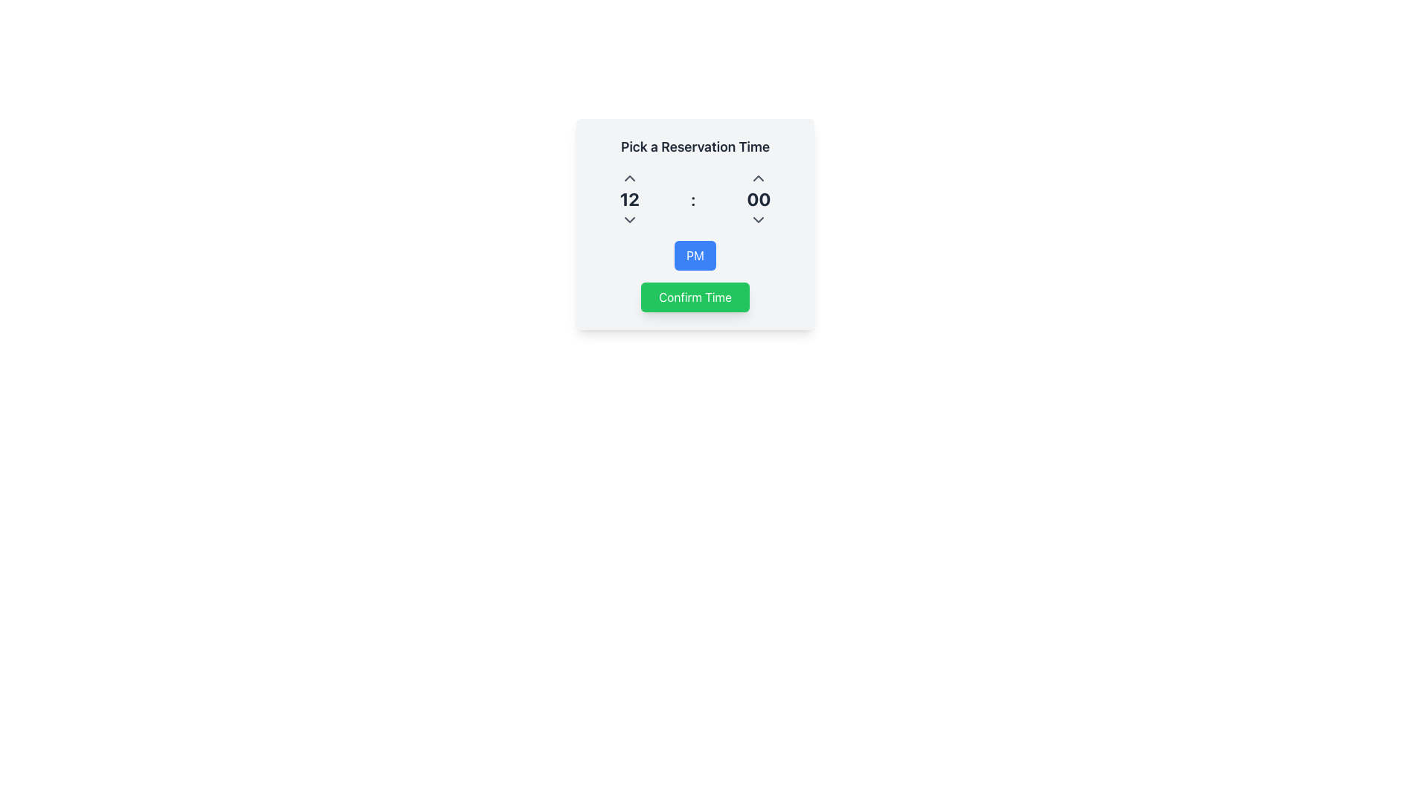 This screenshot has height=803, width=1428. I want to click on the rectangular button with rounded corners, blue background, and white text displaying 'PM', so click(695, 254).